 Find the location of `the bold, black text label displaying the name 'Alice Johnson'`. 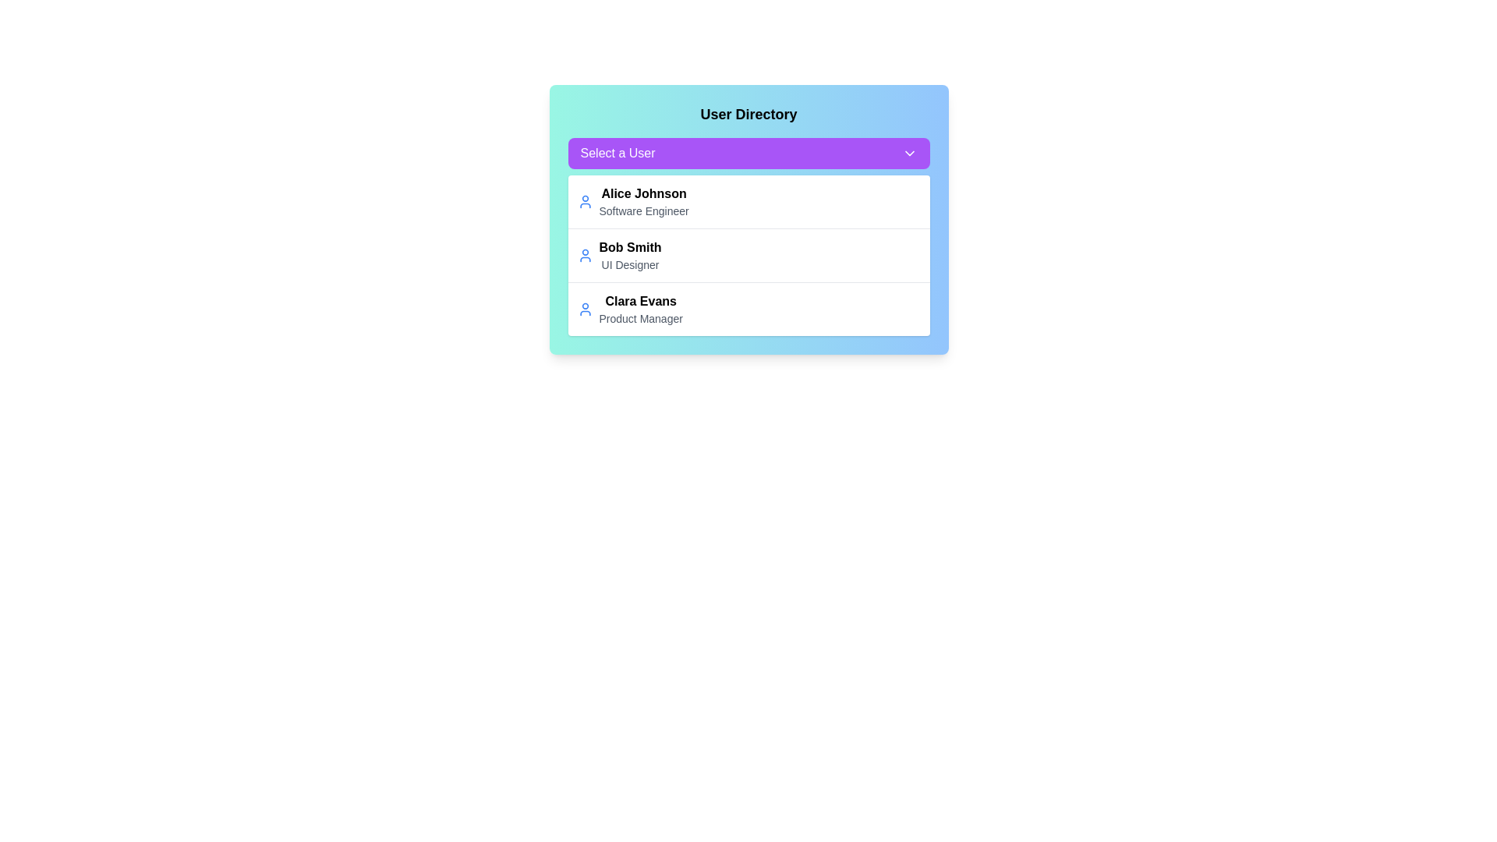

the bold, black text label displaying the name 'Alice Johnson' is located at coordinates (644, 193).